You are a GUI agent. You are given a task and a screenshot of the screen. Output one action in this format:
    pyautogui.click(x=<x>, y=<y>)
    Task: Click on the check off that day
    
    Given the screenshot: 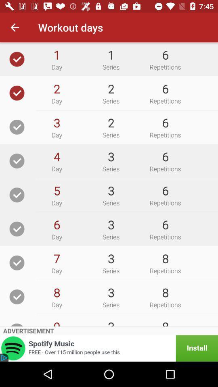 What is the action you would take?
    pyautogui.click(x=17, y=296)
    